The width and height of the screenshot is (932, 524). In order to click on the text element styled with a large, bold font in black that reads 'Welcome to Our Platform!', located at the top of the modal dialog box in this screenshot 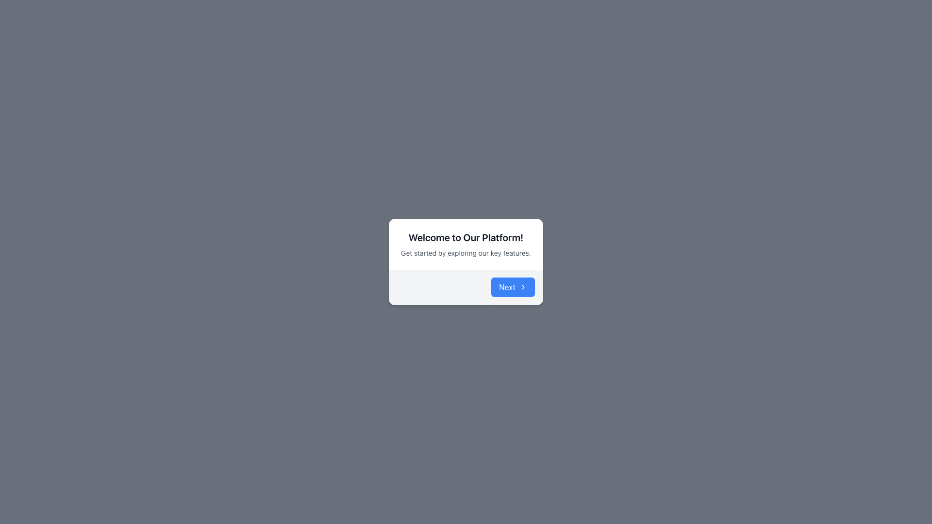, I will do `click(466, 237)`.